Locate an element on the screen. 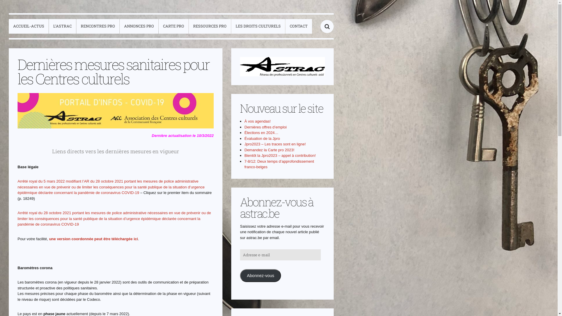 The width and height of the screenshot is (562, 316). 'Abonnez-vous' is located at coordinates (260, 275).